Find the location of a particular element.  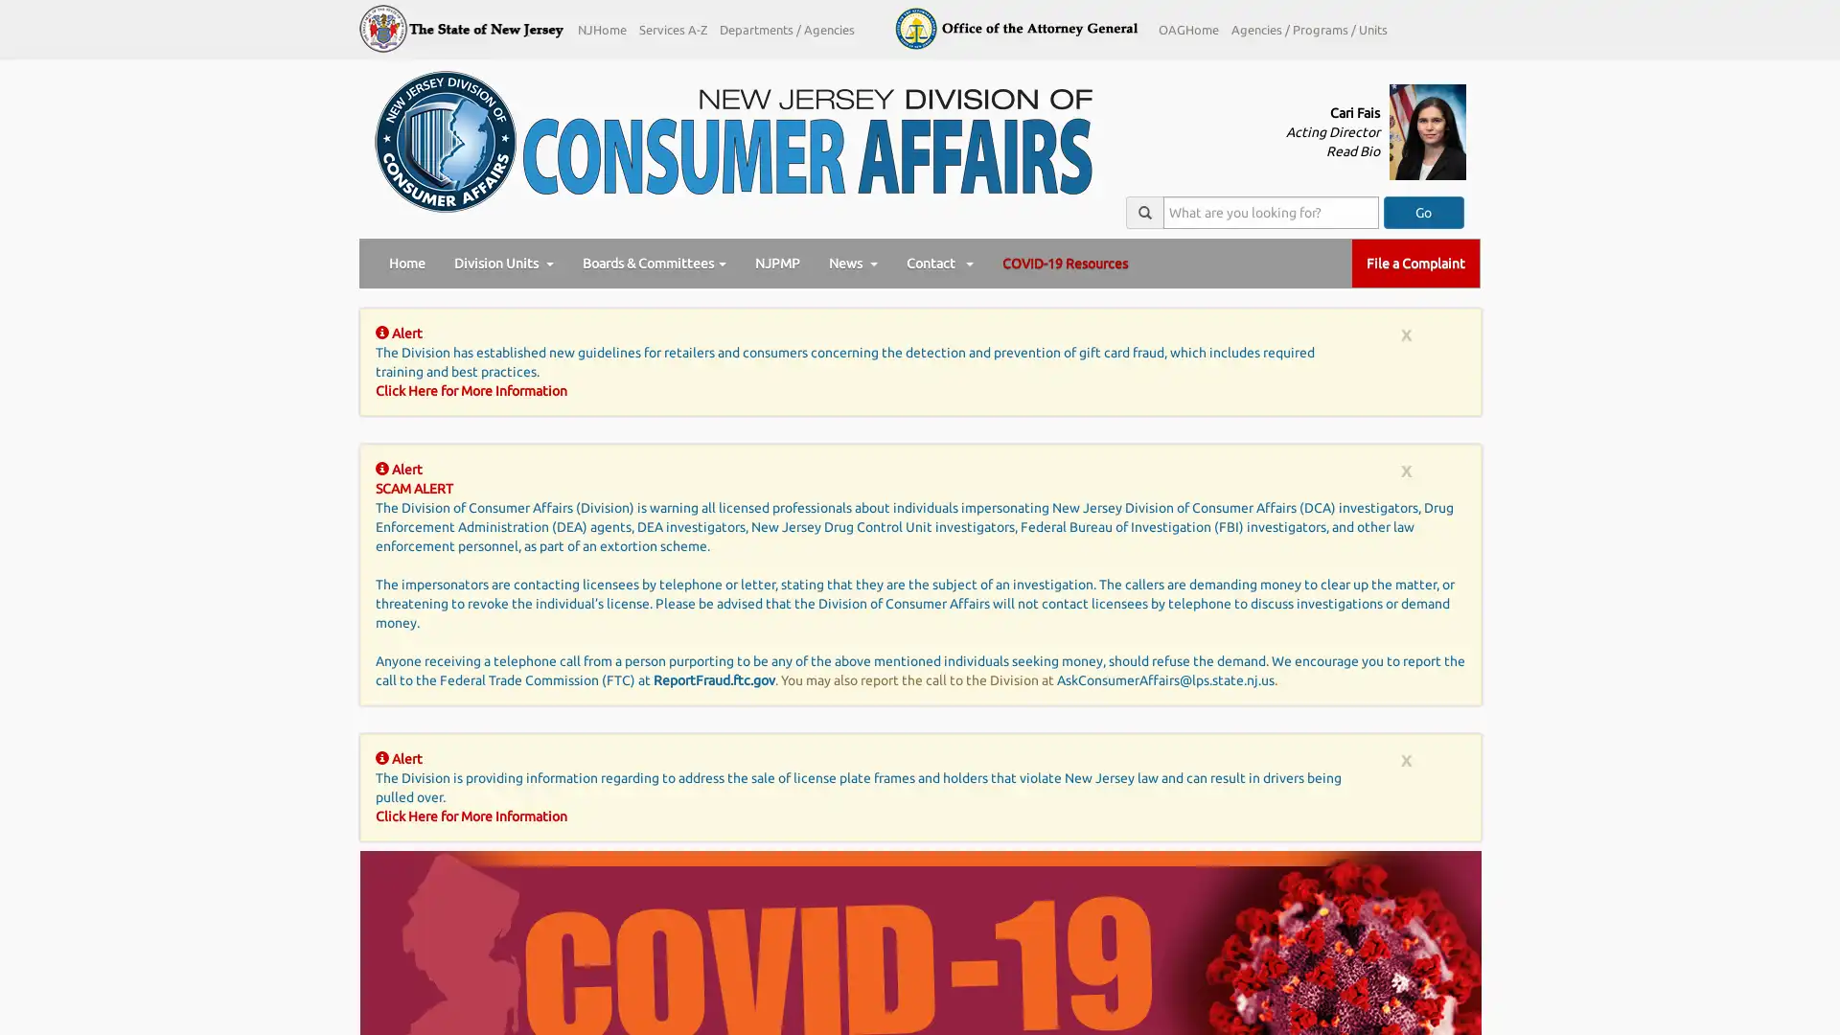

x is located at coordinates (1406, 758).